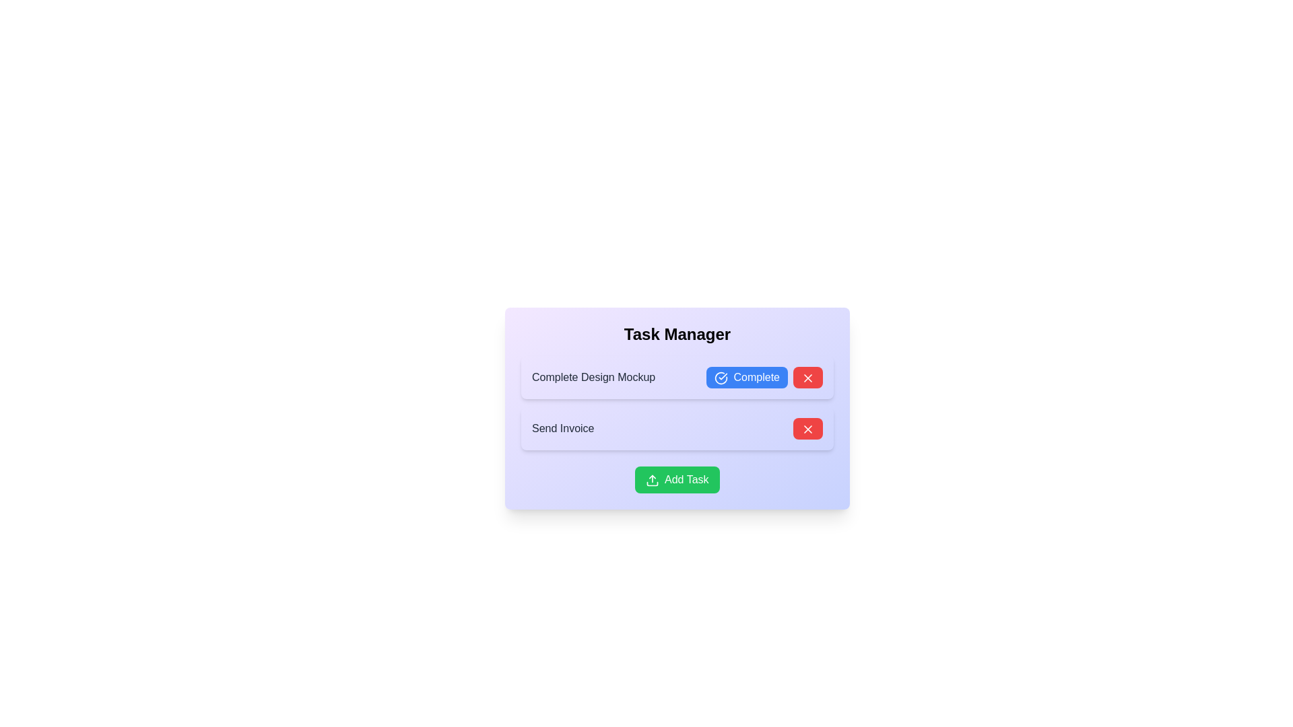 This screenshot has width=1293, height=727. Describe the element at coordinates (677, 479) in the screenshot. I see `the button located at the bottom center of the modal window` at that location.